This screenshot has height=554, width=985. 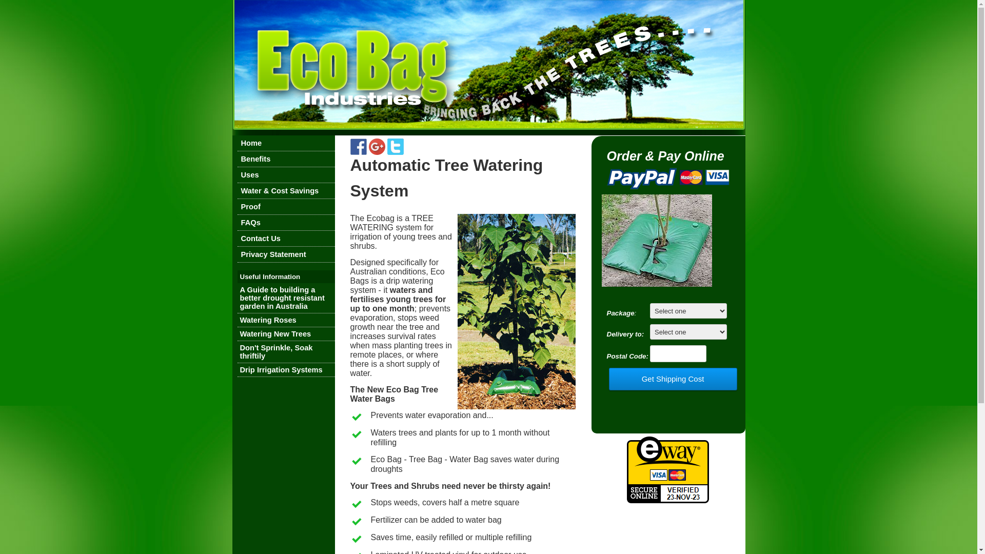 What do you see at coordinates (239, 351) in the screenshot?
I see `'Don't Sprinkle, Soak thriftily'` at bounding box center [239, 351].